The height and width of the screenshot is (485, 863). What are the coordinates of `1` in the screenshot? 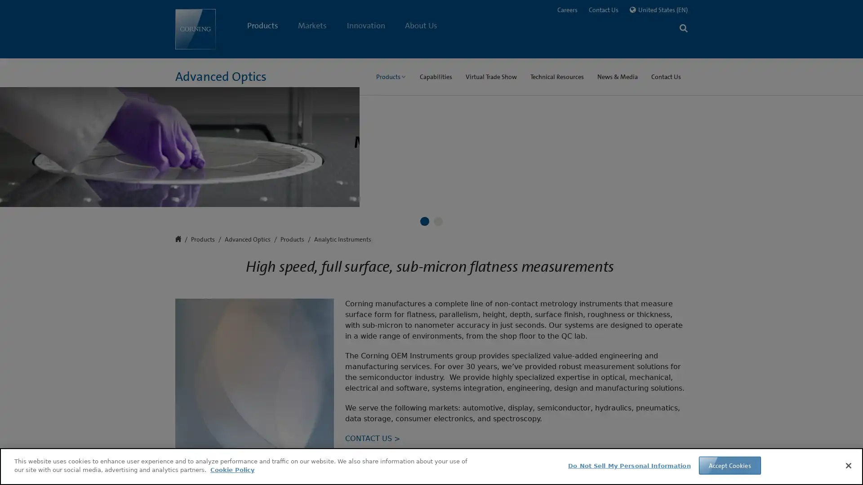 It's located at (424, 396).